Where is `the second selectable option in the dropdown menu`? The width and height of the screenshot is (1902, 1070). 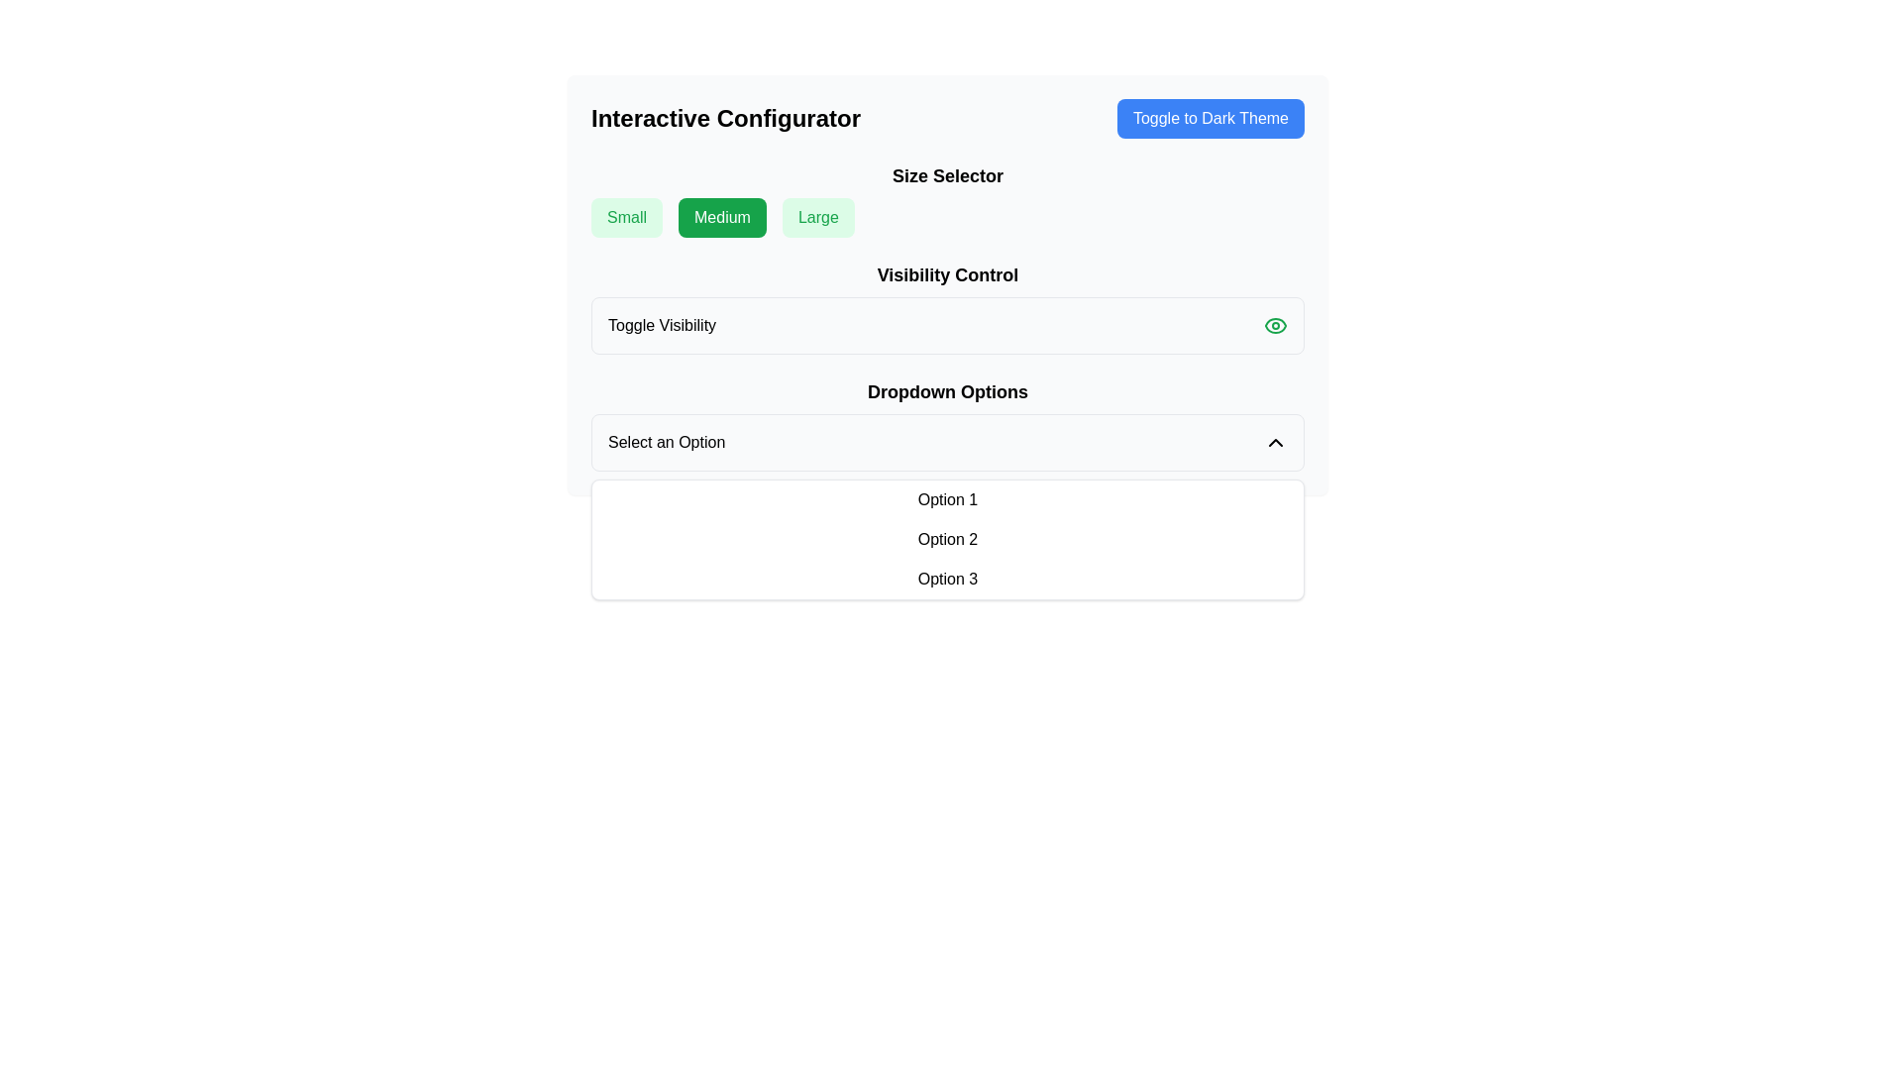
the second selectable option in the dropdown menu is located at coordinates (946, 539).